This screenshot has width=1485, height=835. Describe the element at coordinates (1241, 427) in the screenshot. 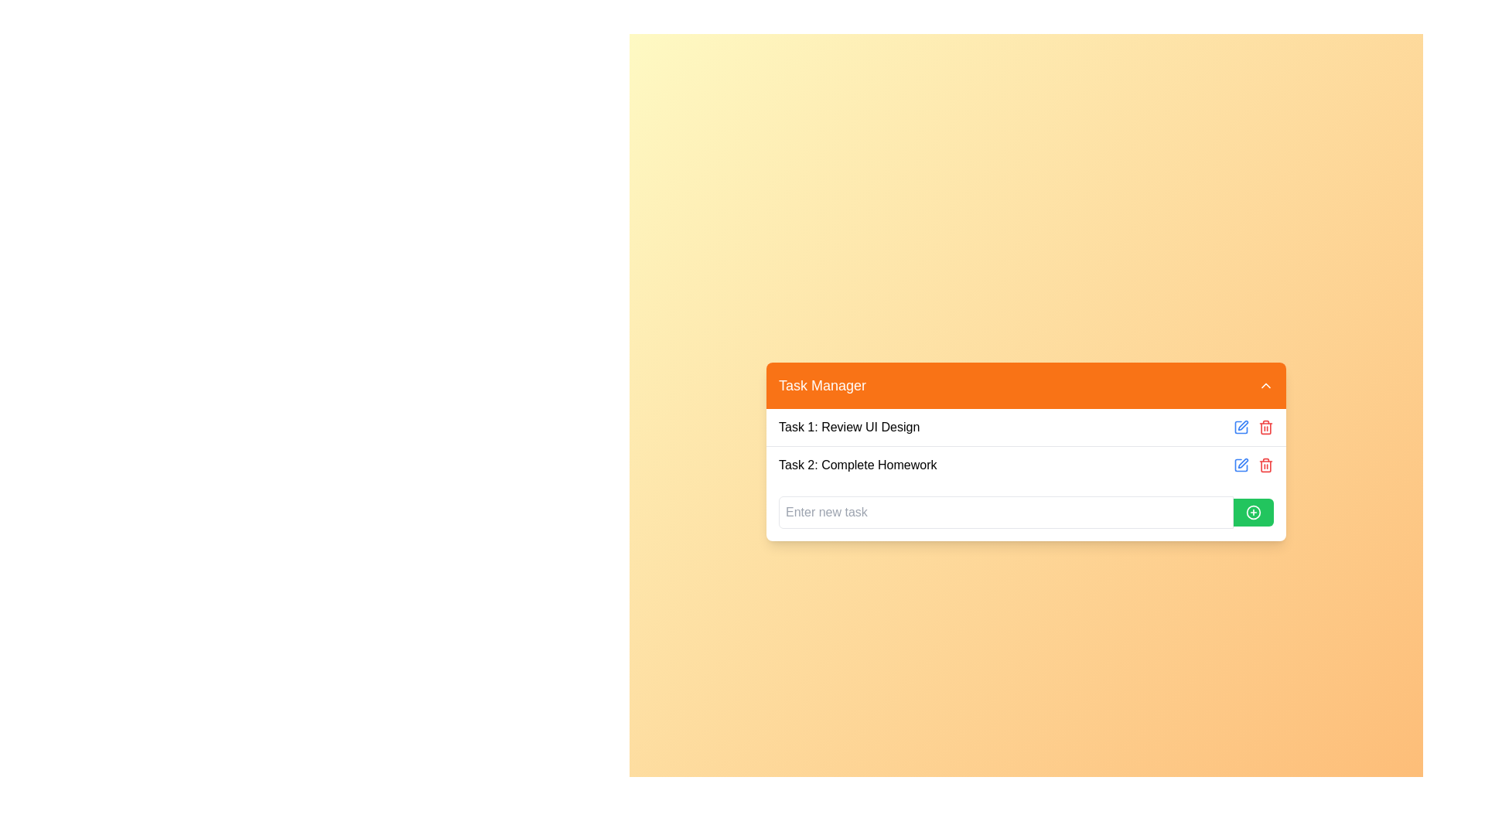

I see `the interactive edit button located on the right side of the header of the first task item` at that location.